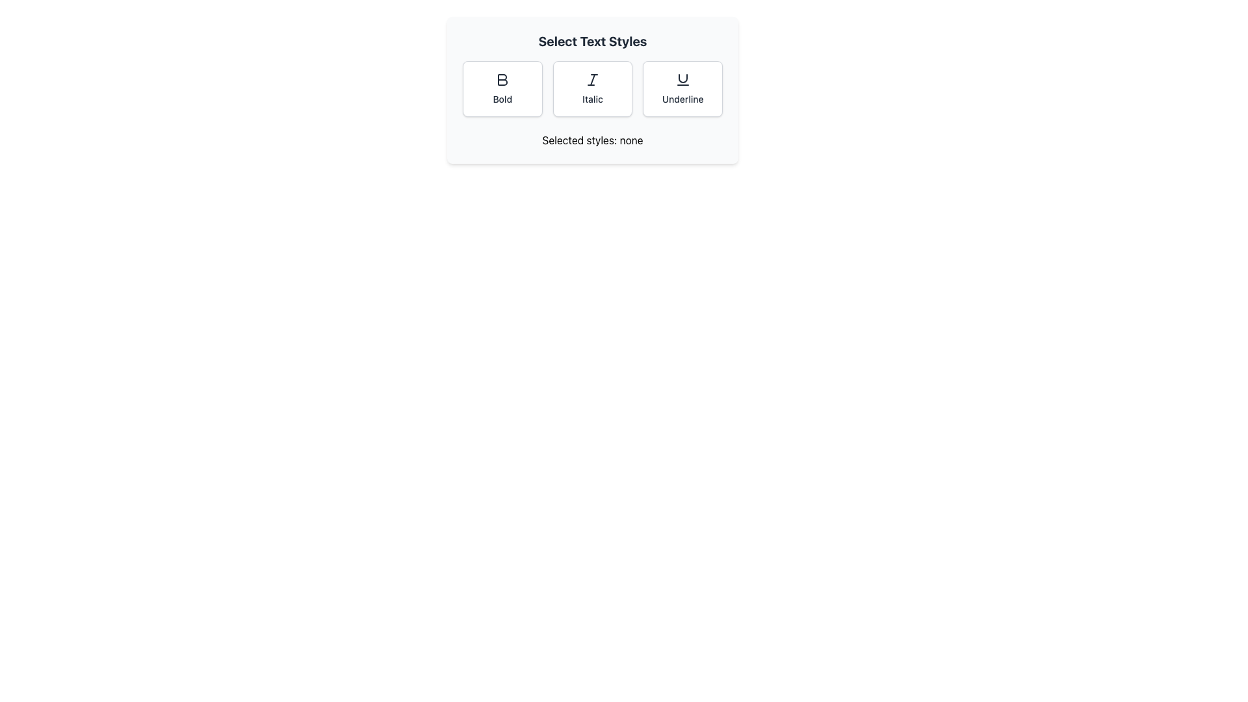 The height and width of the screenshot is (702, 1248). I want to click on the 'Italic' label text, which is the second of three adjacent buttons labeled 'Bold', 'Italic', and 'Underline', so click(592, 99).